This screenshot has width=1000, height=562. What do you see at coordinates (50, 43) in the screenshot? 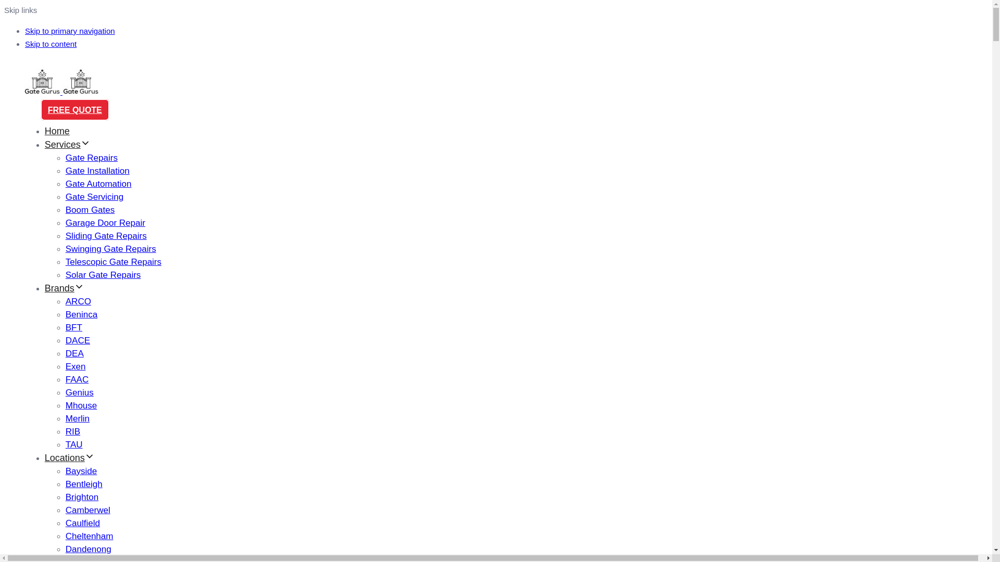
I see `'Skip to content'` at bounding box center [50, 43].